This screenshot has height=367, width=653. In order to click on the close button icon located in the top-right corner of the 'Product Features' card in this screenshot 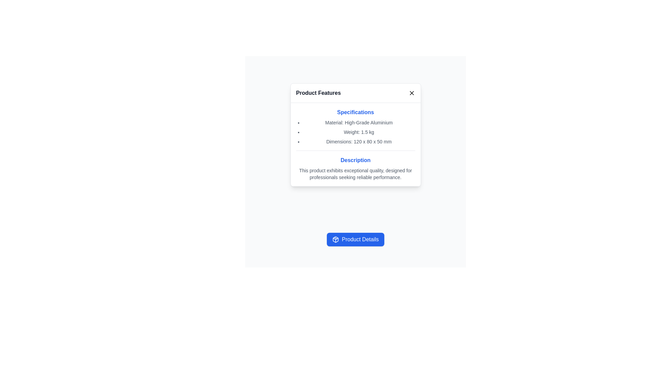, I will do `click(411, 93)`.